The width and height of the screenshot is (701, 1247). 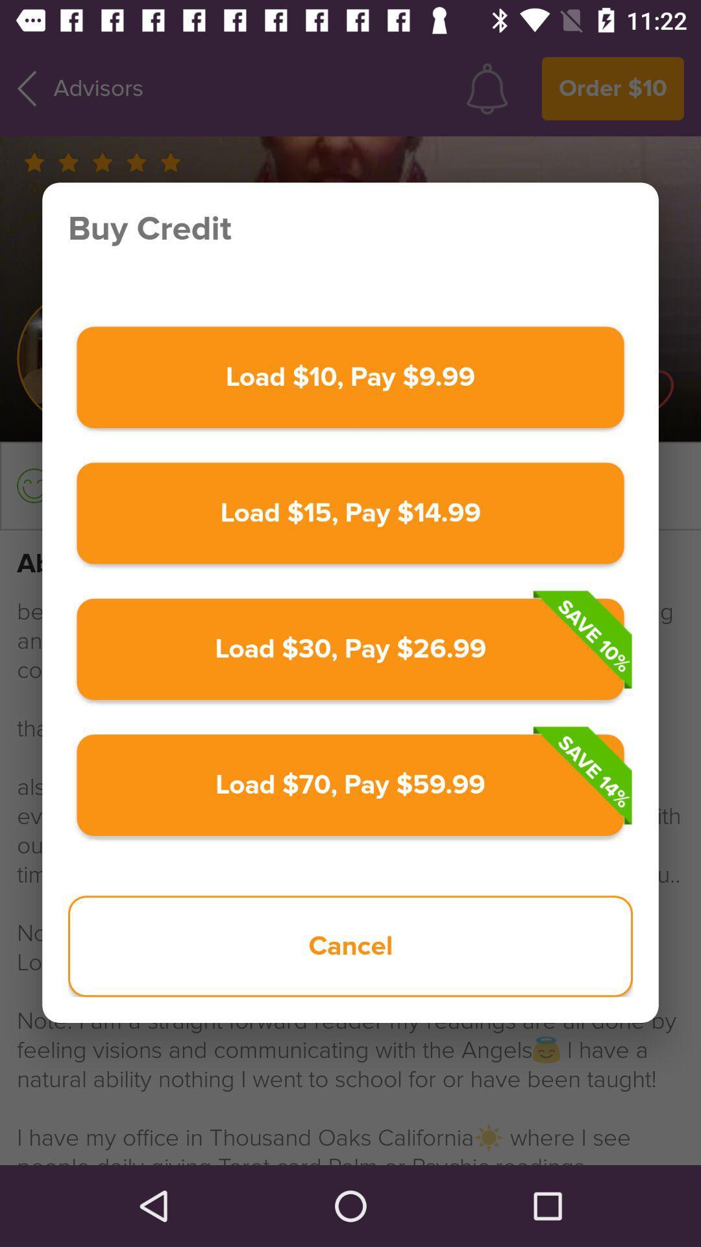 What do you see at coordinates (350, 946) in the screenshot?
I see `the item below load 70 pay item` at bounding box center [350, 946].